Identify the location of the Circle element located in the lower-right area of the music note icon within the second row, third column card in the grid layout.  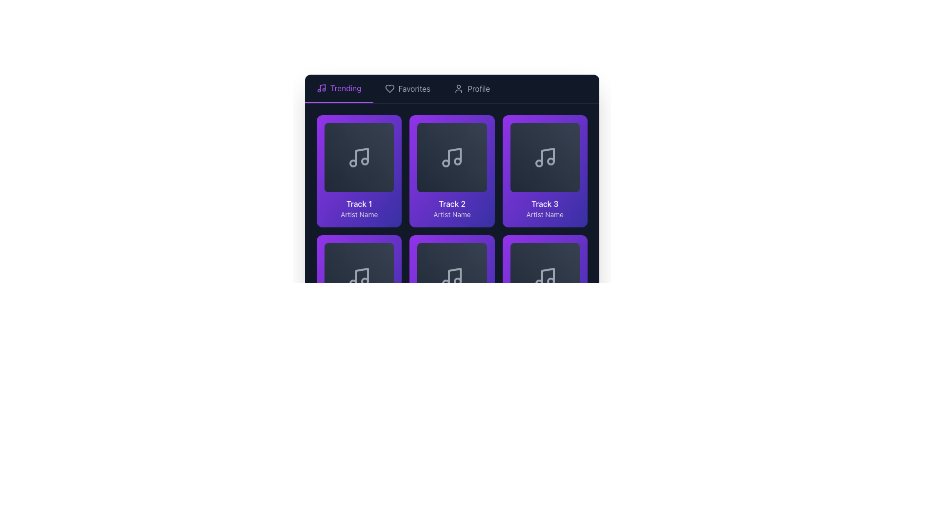
(457, 282).